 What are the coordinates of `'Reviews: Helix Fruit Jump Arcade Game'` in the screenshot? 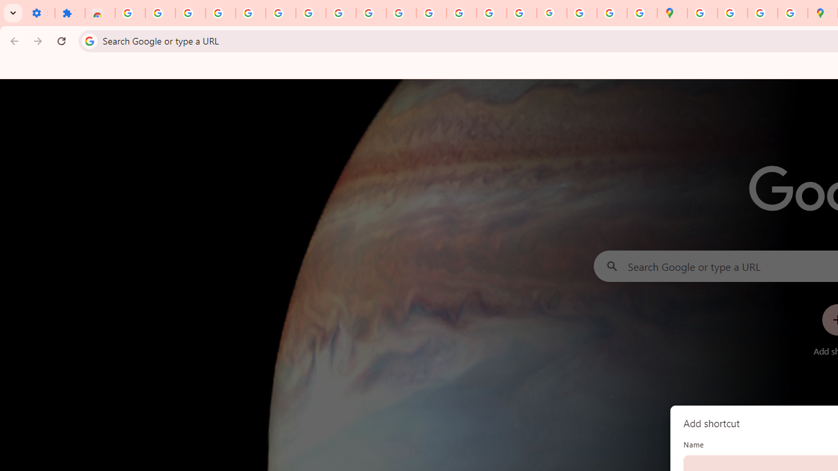 It's located at (100, 13).